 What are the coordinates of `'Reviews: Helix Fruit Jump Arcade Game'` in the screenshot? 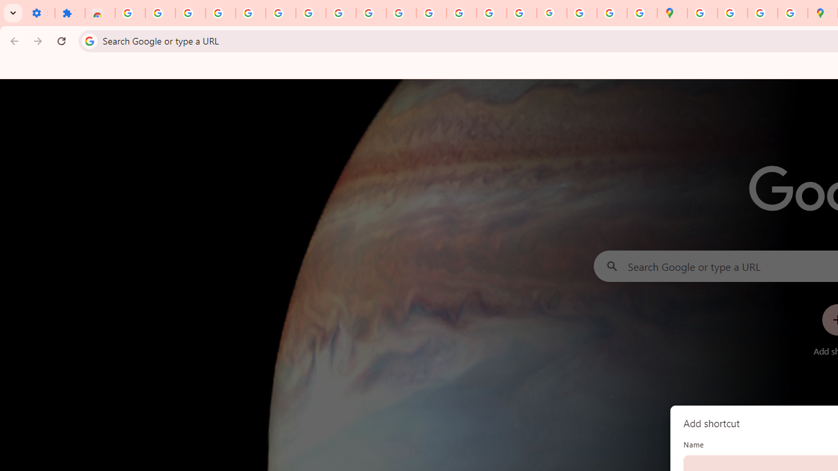 It's located at (100, 13).